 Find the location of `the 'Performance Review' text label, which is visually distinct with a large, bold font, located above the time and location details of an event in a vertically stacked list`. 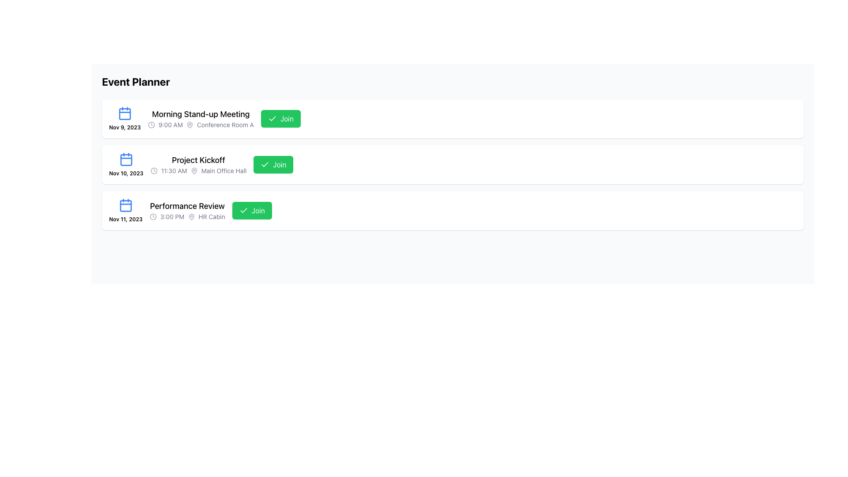

the 'Performance Review' text label, which is visually distinct with a large, bold font, located above the time and location details of an event in a vertically stacked list is located at coordinates (187, 206).